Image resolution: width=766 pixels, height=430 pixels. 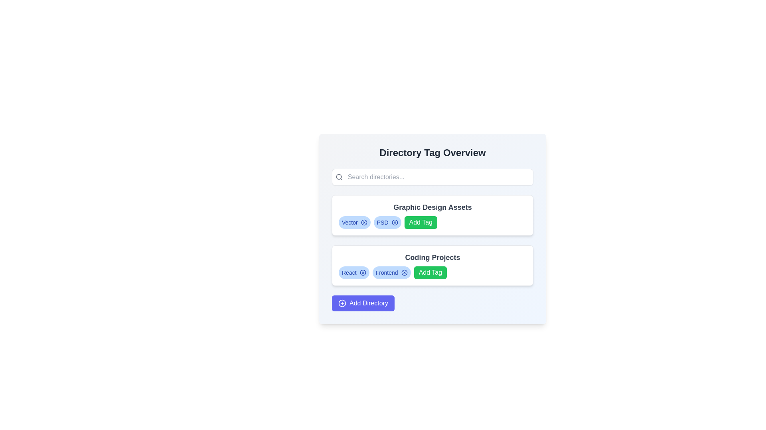 I want to click on the 'x' icon on the right side of the pill-shaped tag labeled 'Frontend', so click(x=391, y=272).